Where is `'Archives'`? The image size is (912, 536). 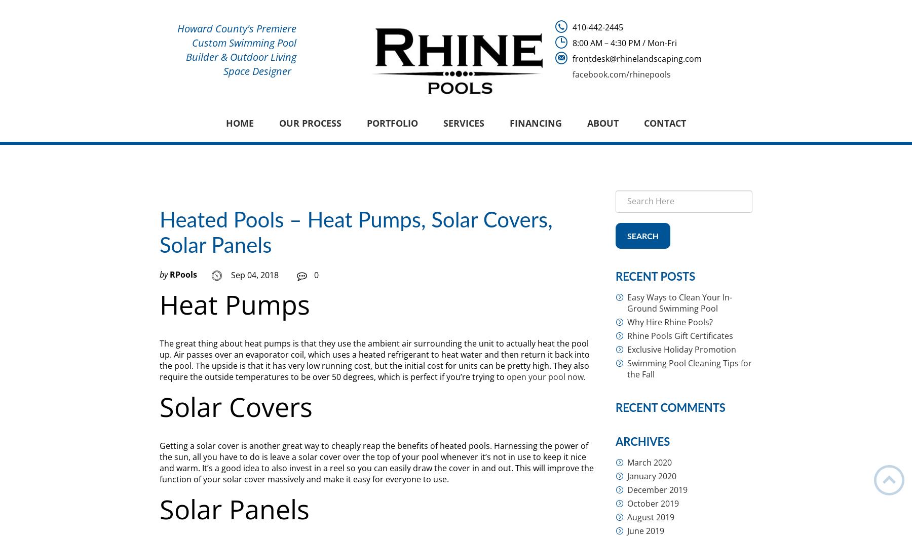
'Archives' is located at coordinates (642, 441).